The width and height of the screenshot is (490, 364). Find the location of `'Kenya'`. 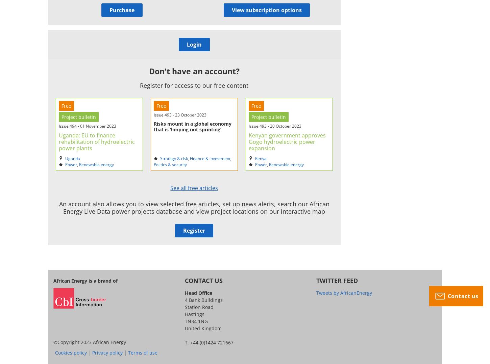

'Kenya' is located at coordinates (261, 158).